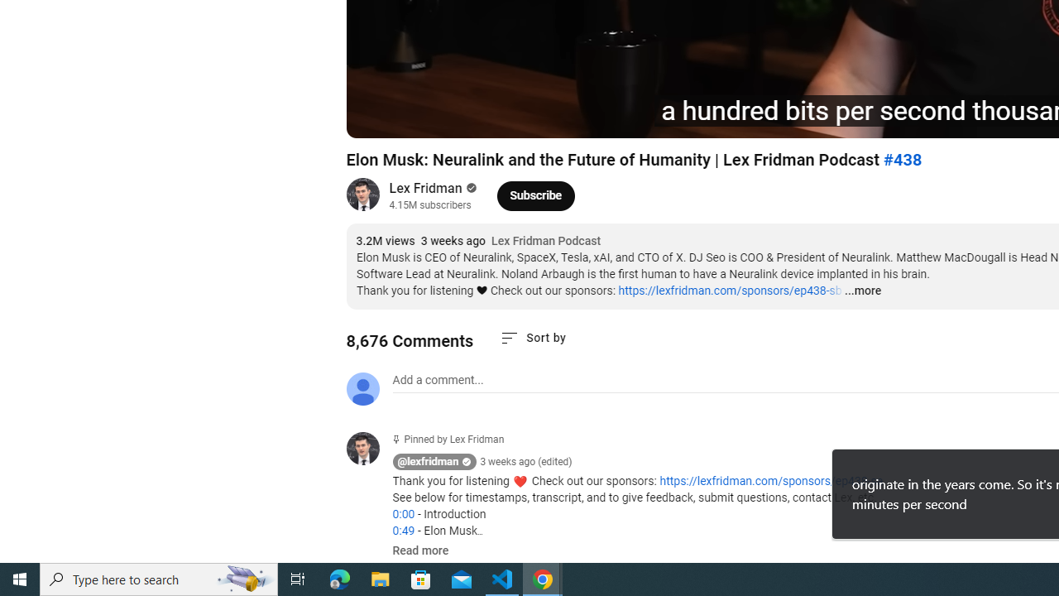 The height and width of the screenshot is (596, 1059). What do you see at coordinates (403, 513) in the screenshot?
I see `'0:00'` at bounding box center [403, 513].